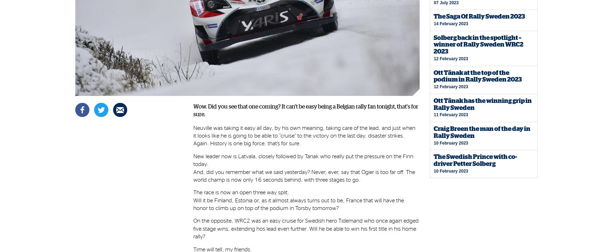  What do you see at coordinates (433, 132) in the screenshot?
I see `'Craig Breen the man of the day in Rally Sweden'` at bounding box center [433, 132].